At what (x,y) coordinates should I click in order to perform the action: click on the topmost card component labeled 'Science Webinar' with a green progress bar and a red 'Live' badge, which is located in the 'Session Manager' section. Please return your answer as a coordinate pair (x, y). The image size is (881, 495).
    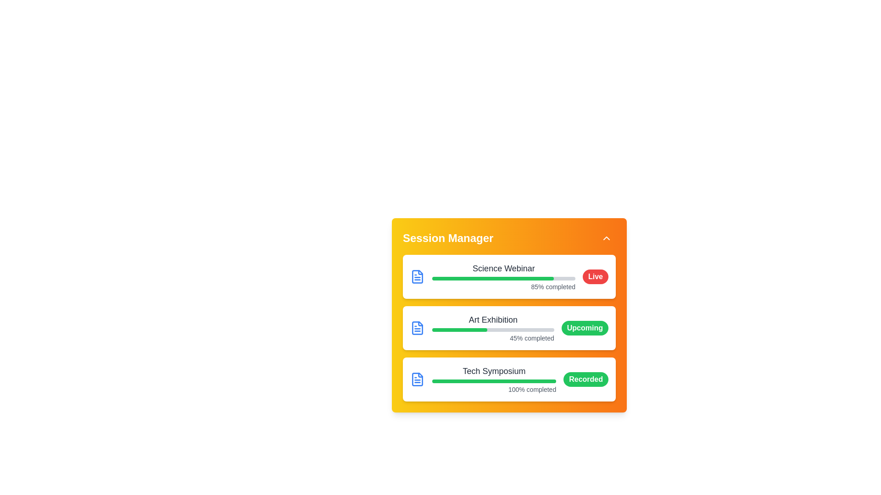
    Looking at the image, I should click on (508, 276).